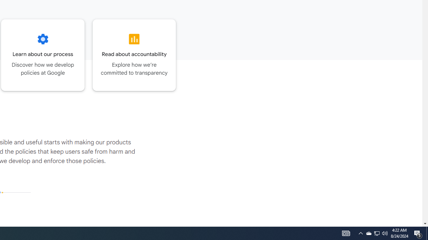  I want to click on 'Go to the Our process page', so click(42, 55).